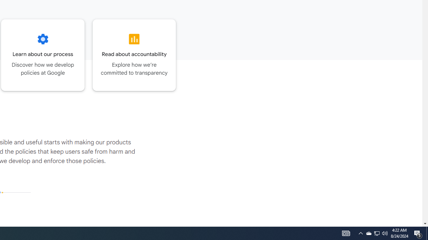  I want to click on 'Go to the Our process page', so click(42, 55).